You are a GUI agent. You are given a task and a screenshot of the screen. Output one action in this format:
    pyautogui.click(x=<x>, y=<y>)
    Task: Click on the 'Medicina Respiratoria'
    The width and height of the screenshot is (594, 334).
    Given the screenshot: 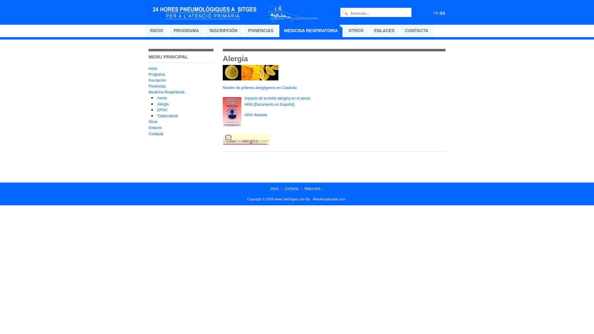 What is the action you would take?
    pyautogui.click(x=166, y=92)
    